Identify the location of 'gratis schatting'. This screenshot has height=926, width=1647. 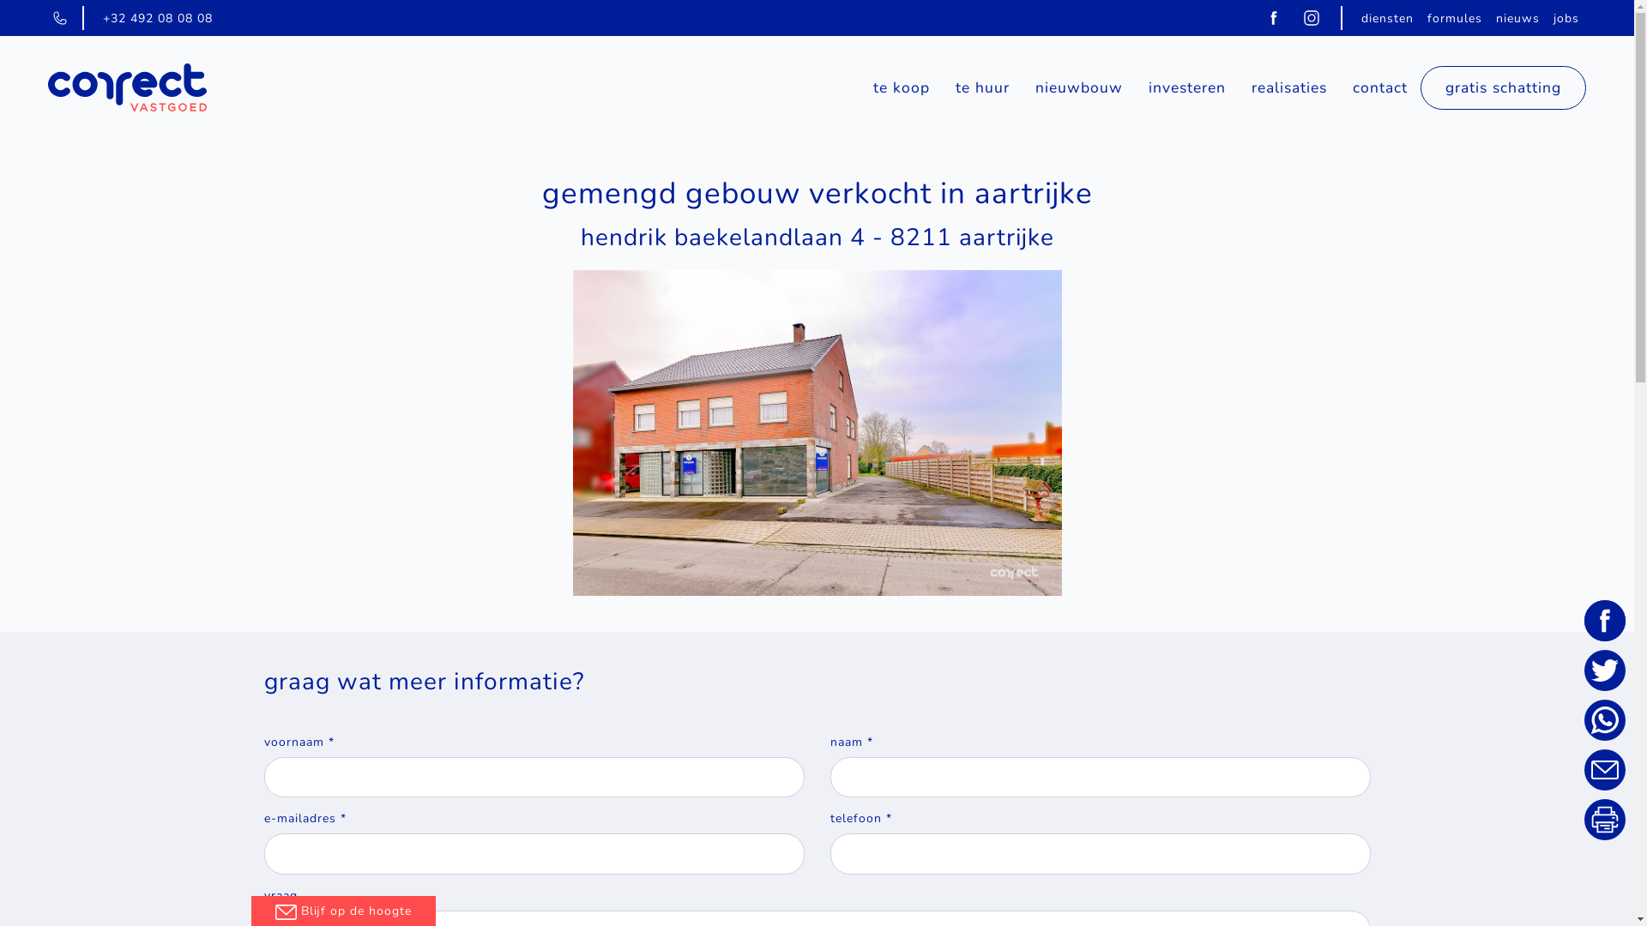
(1502, 87).